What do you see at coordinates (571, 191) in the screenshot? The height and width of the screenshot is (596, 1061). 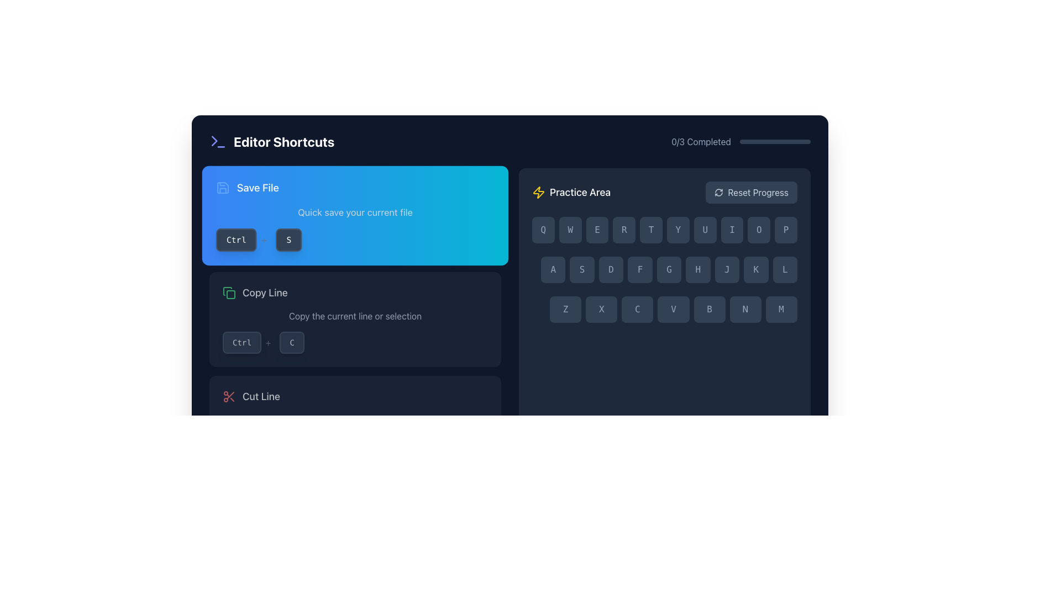 I see `the 'Practice Area' text label, which is styled with a bold, white font and located in the top-center section of the interface, adjacent to a yellow lightning bolt icon` at bounding box center [571, 191].